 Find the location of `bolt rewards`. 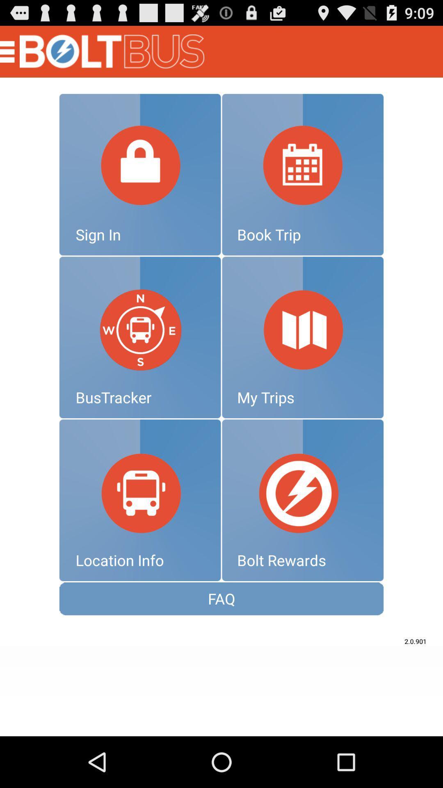

bolt rewards is located at coordinates (303, 500).